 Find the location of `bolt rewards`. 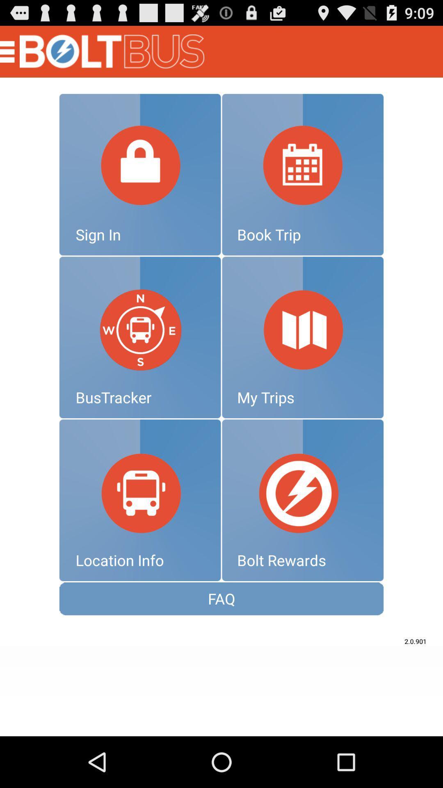

bolt rewards is located at coordinates (303, 500).